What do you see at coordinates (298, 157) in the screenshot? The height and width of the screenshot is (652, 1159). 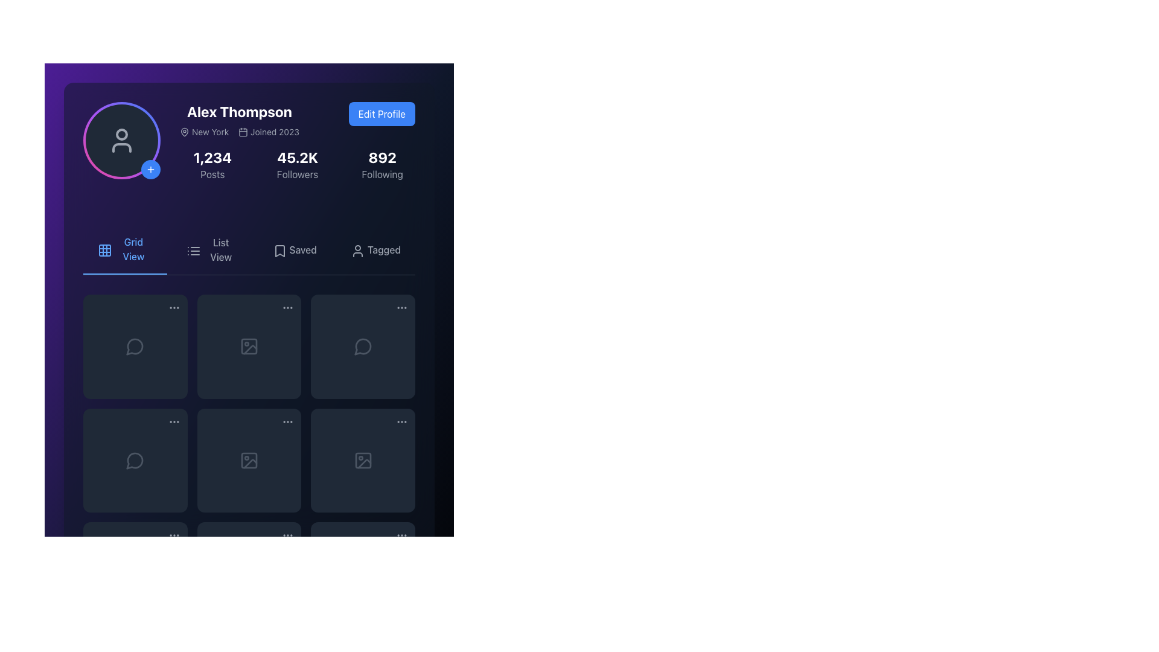 I see `the text label displaying '45.2K'` at bounding box center [298, 157].